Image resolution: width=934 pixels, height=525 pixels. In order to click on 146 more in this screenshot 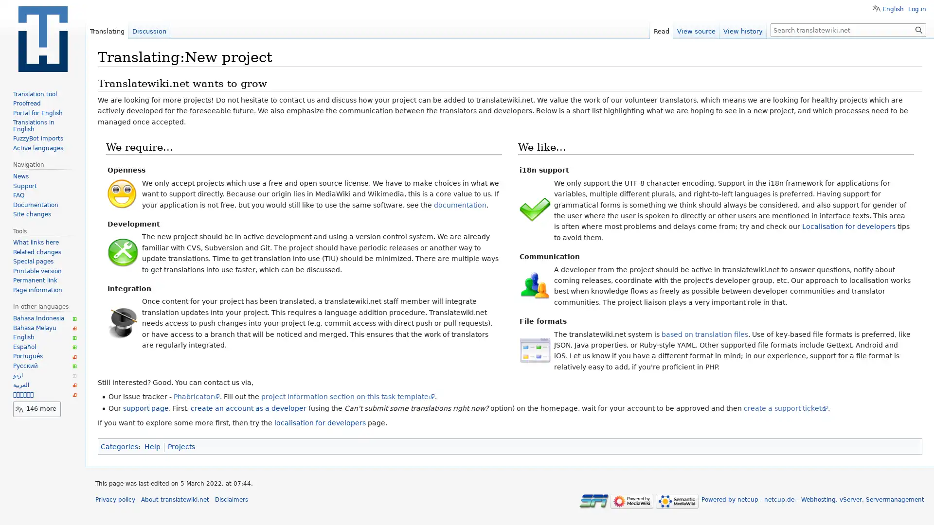, I will do `click(37, 408)`.